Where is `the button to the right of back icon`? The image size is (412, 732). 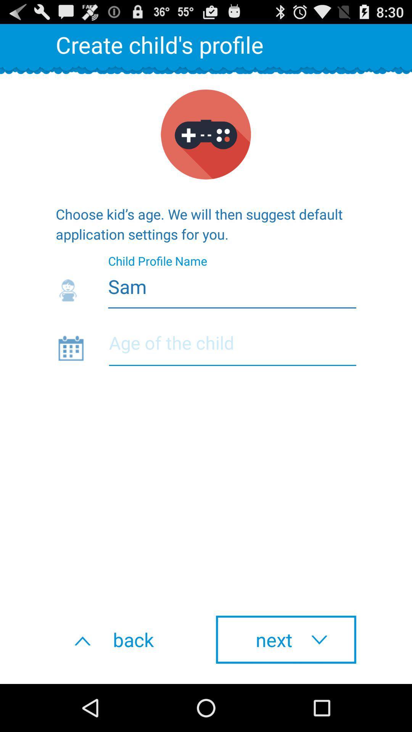
the button to the right of back icon is located at coordinates (286, 639).